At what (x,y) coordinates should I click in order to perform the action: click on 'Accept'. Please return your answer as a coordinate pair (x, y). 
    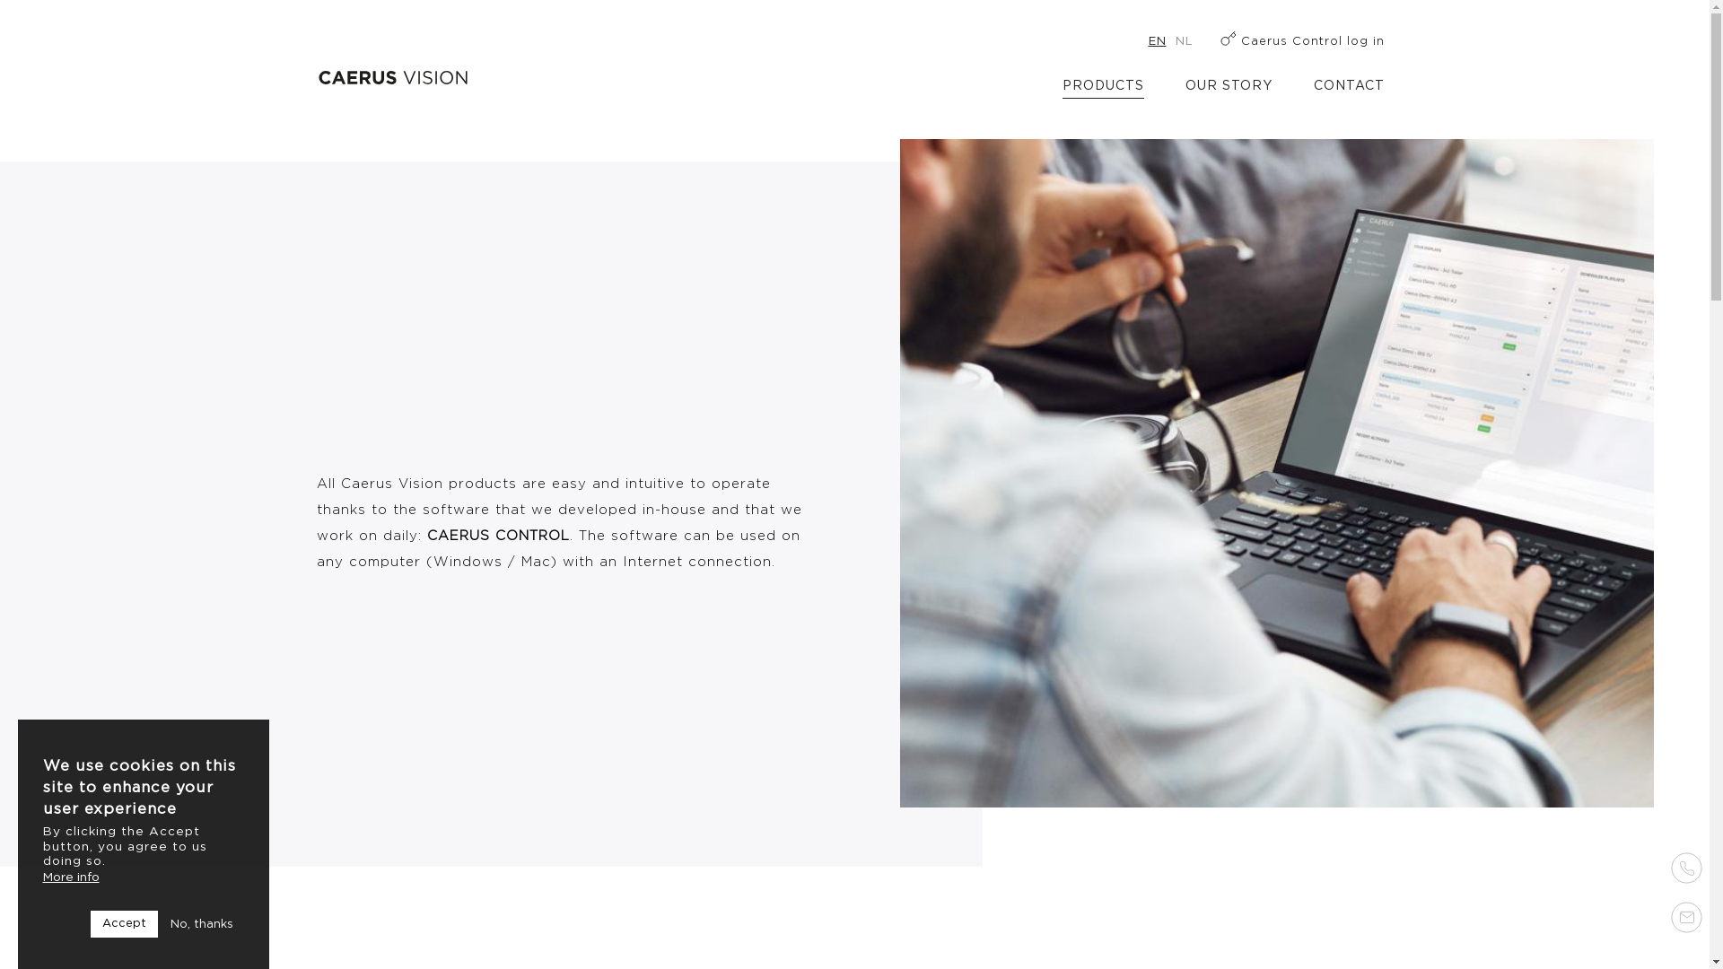
    Looking at the image, I should click on (122, 923).